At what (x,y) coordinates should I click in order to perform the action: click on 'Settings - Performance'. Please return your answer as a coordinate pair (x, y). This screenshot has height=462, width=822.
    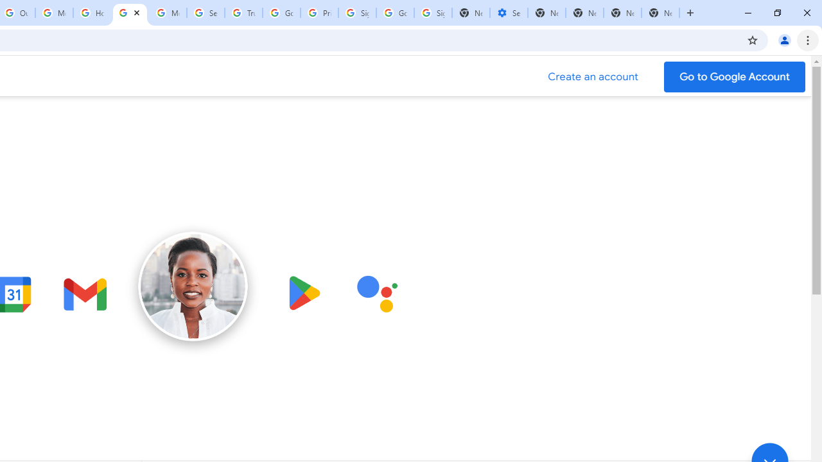
    Looking at the image, I should click on (508, 13).